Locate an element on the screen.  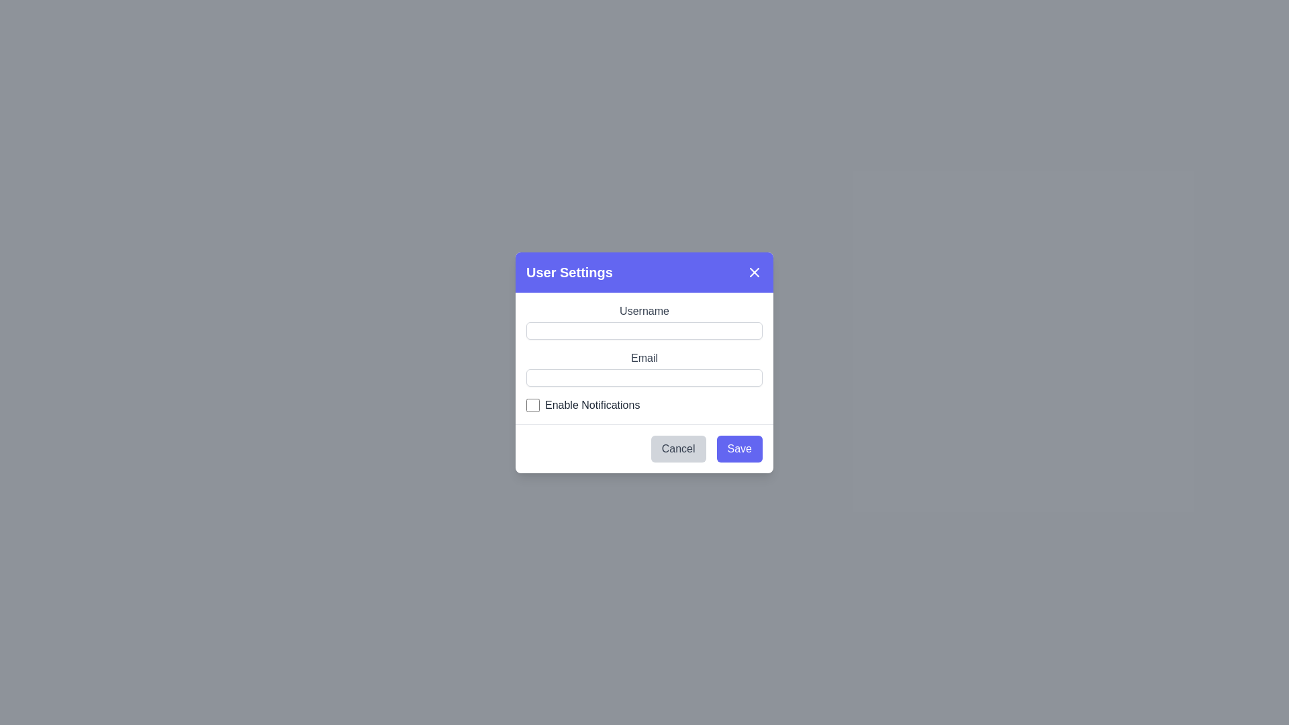
the checkbox for enabling or disabling notifications located below the Email input field in the User Settings form is located at coordinates (644, 404).